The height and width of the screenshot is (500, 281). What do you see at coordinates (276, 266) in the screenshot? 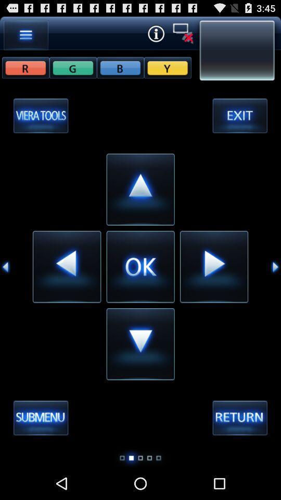
I see `the right scroll` at bounding box center [276, 266].